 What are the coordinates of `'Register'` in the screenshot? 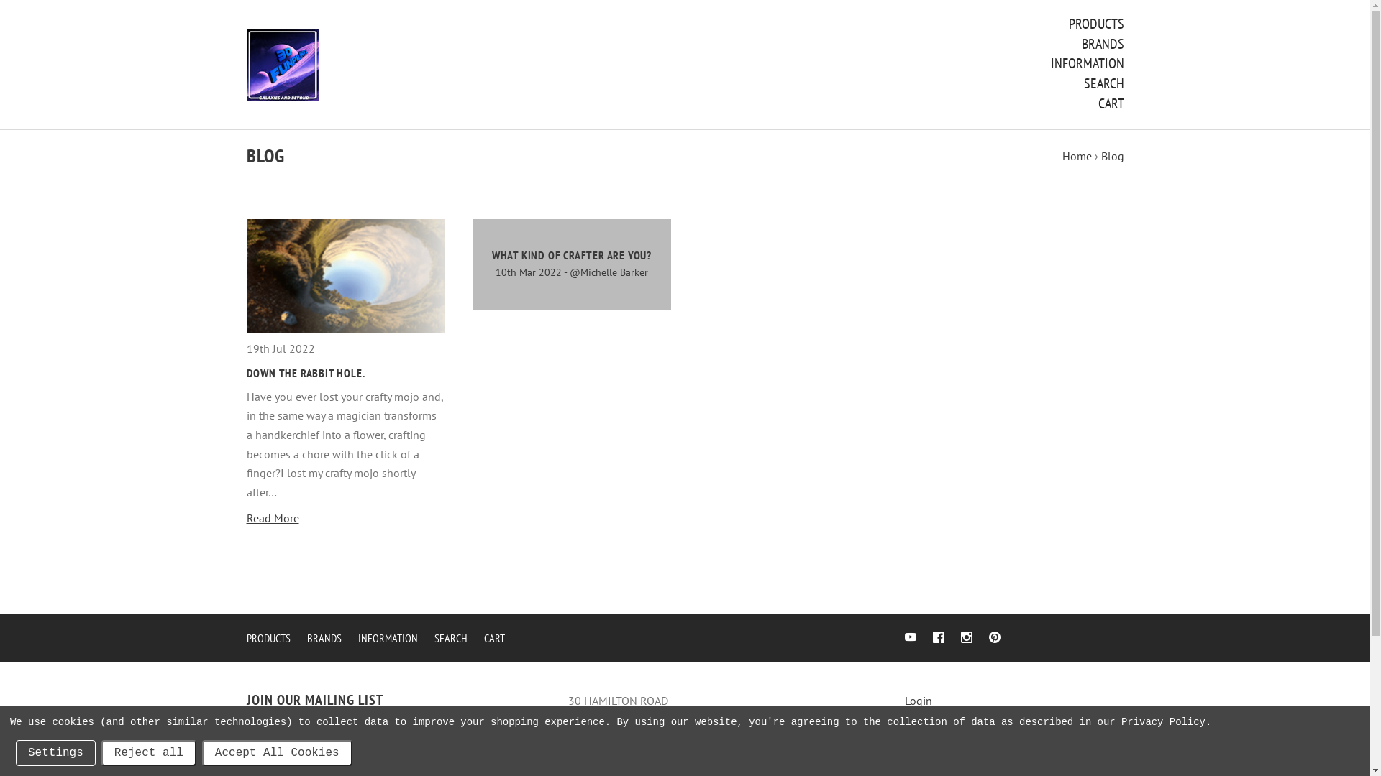 It's located at (903, 719).